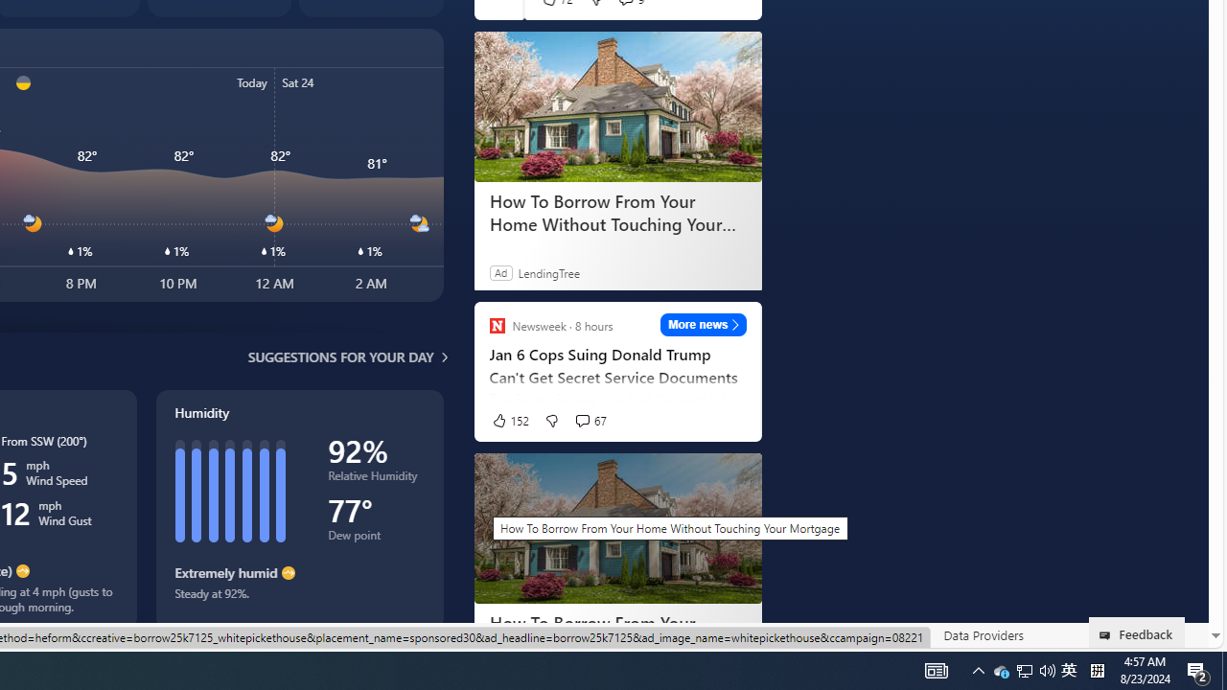  What do you see at coordinates (547, 272) in the screenshot?
I see `'LendingTree'` at bounding box center [547, 272].